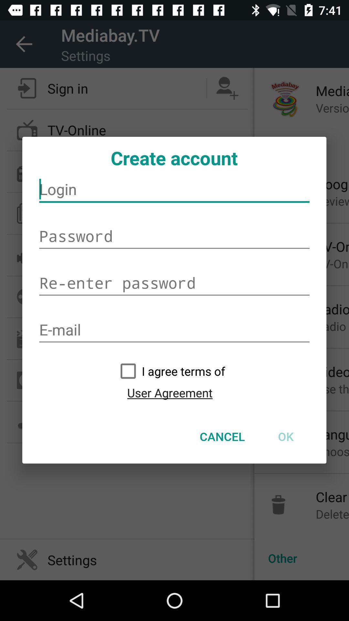  I want to click on ok, so click(285, 436).